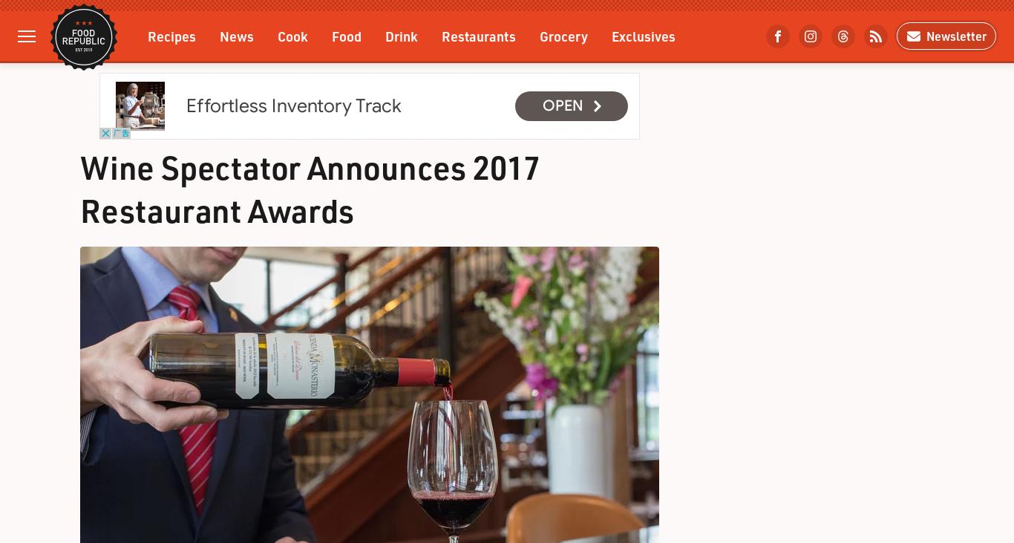 The image size is (1014, 543). Describe the element at coordinates (478, 35) in the screenshot. I see `'Restaurants'` at that location.